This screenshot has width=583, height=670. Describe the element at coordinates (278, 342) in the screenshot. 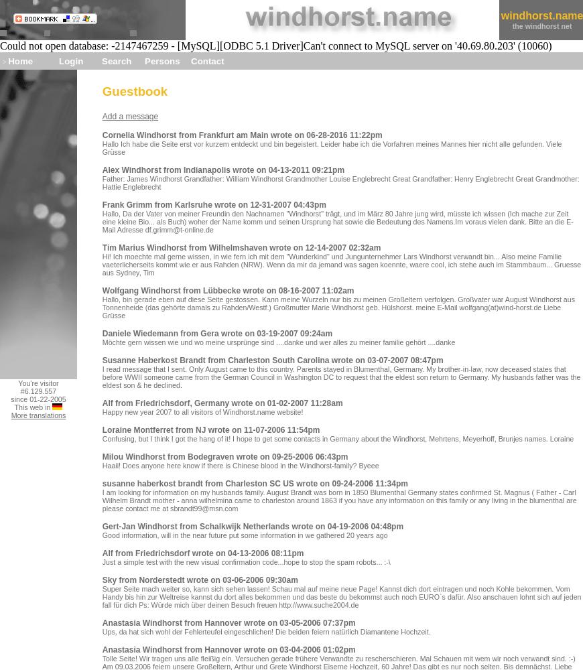

I see `'Möchte gern wissen wie und wo meine ursprünge sind ....danke und wer alles zu meiner familie gehört ....danke'` at that location.